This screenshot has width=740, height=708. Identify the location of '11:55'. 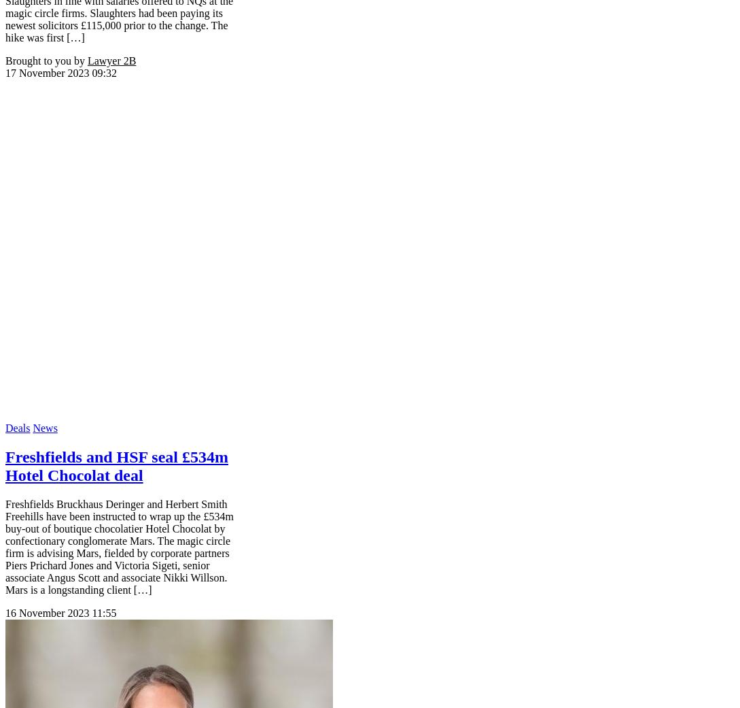
(104, 611).